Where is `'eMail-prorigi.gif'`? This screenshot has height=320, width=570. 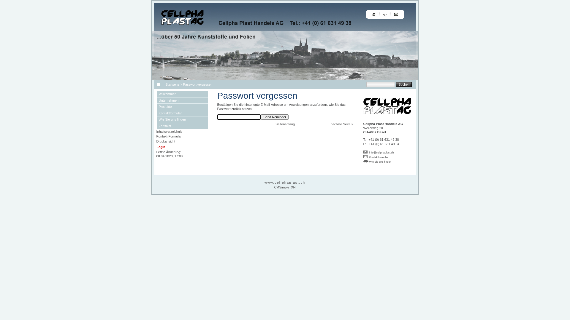
'eMail-prorigi.gif' is located at coordinates (363, 152).